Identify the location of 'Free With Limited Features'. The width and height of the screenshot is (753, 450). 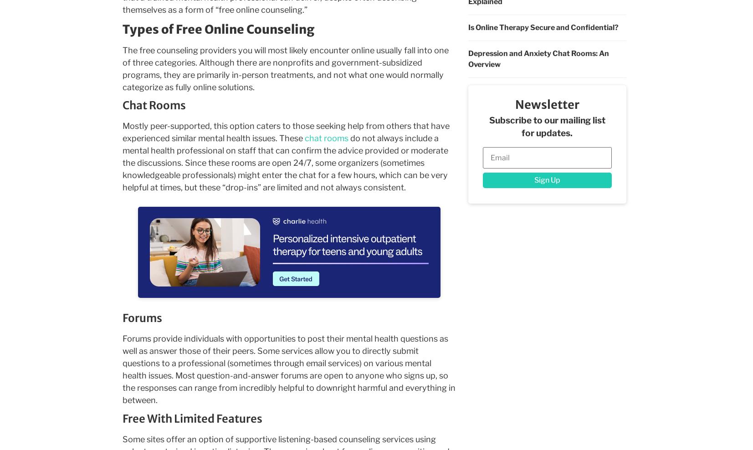
(191, 418).